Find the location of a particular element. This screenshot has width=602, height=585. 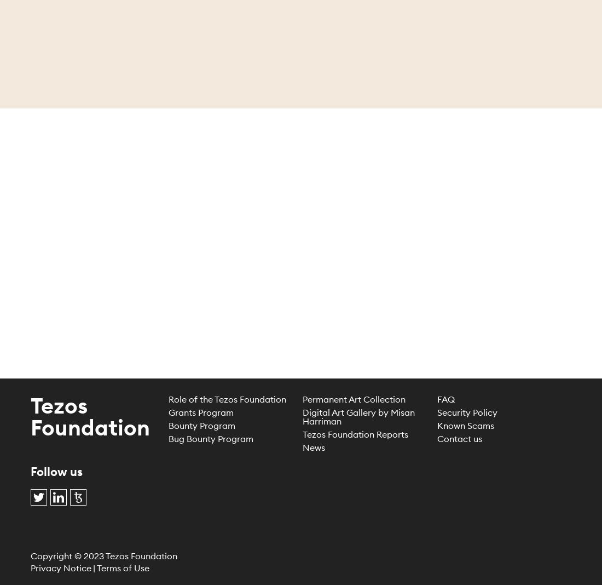

'Bounty Program' is located at coordinates (167, 425).